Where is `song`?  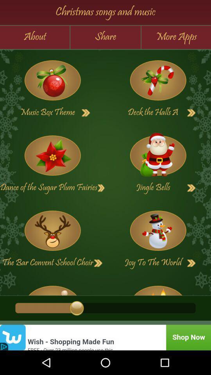
song is located at coordinates (52, 287).